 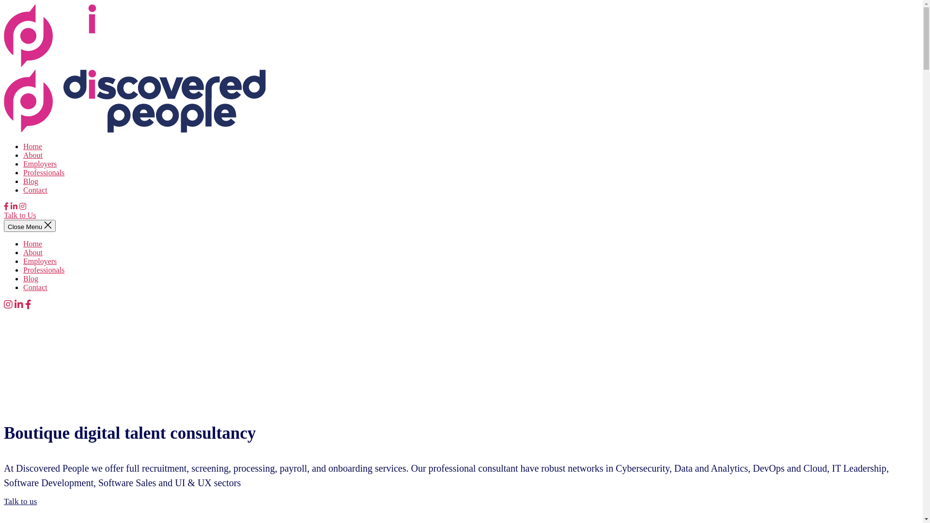 I want to click on 'Blog', so click(x=31, y=181).